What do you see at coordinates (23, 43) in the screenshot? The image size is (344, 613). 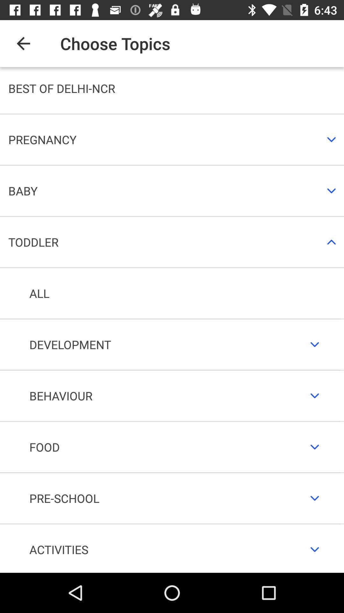 I see `the item next to the choose topics item` at bounding box center [23, 43].